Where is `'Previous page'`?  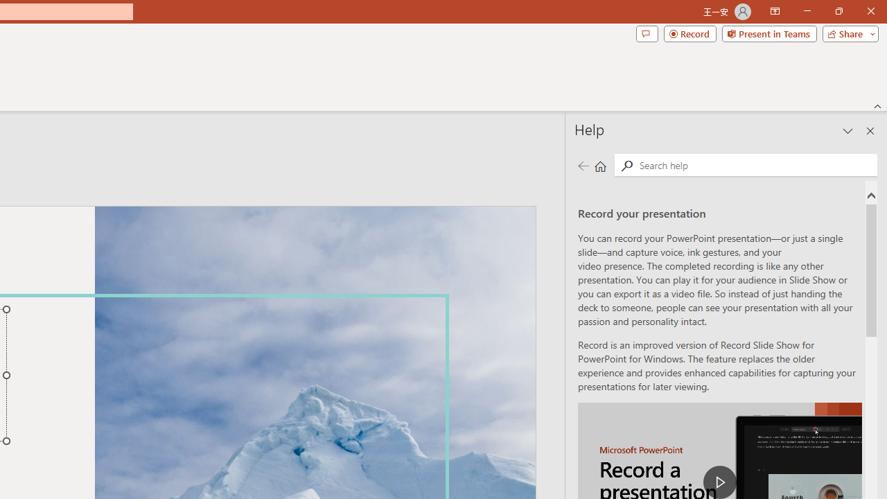
'Previous page' is located at coordinates (583, 165).